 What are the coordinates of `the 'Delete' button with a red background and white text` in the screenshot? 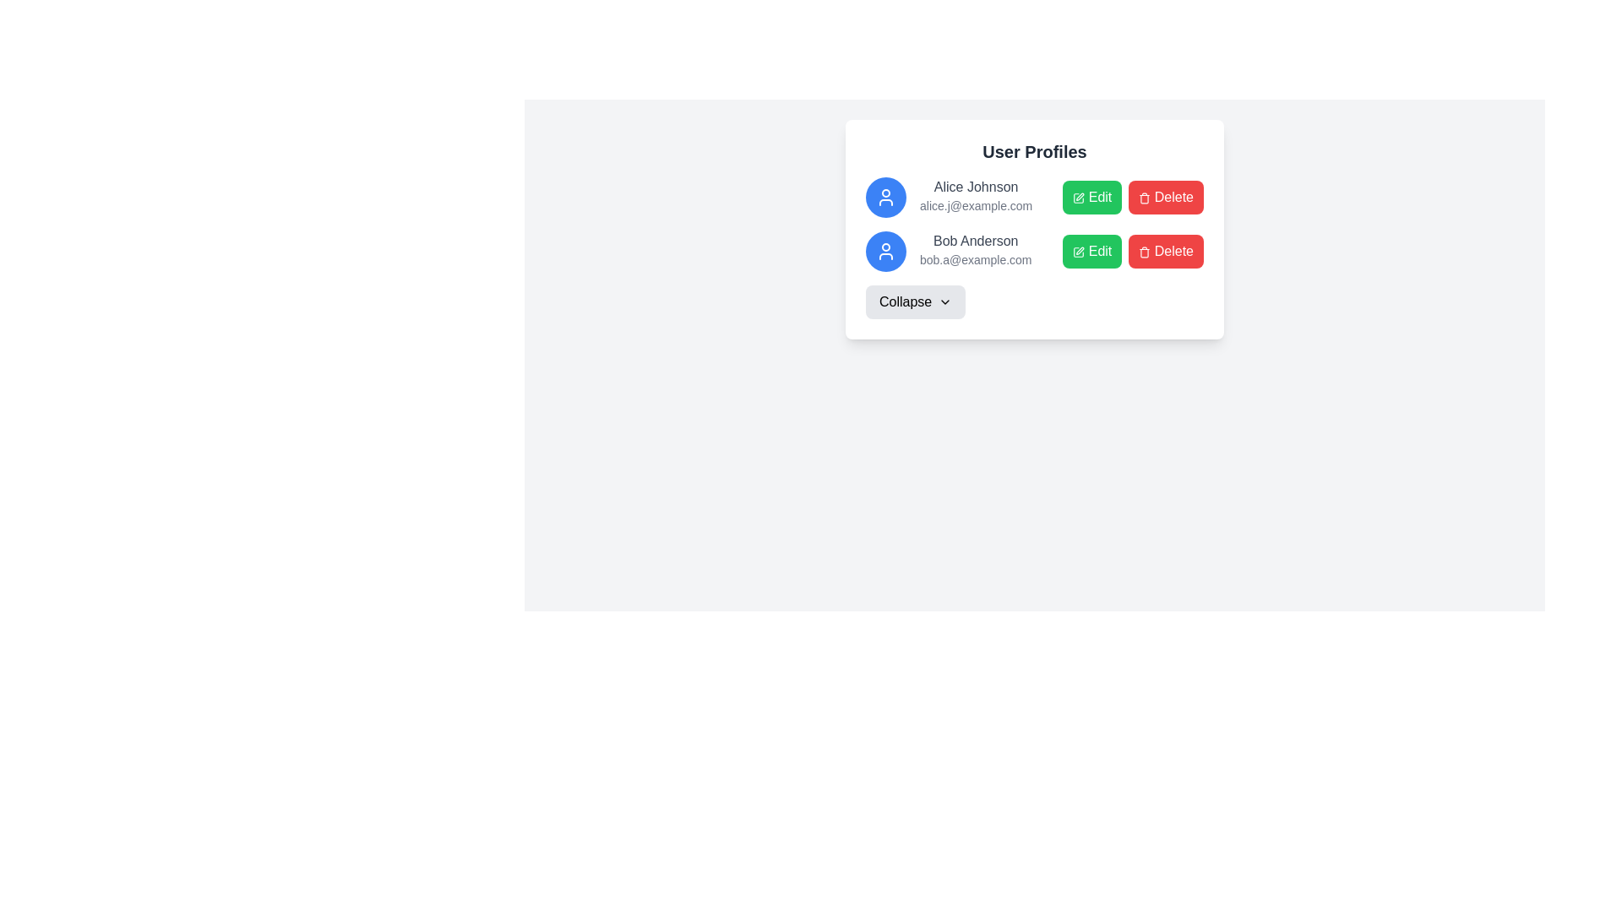 It's located at (1133, 197).